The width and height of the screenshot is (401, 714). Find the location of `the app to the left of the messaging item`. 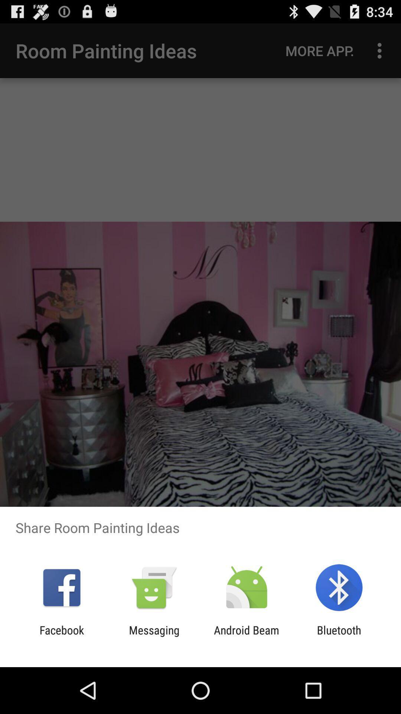

the app to the left of the messaging item is located at coordinates (61, 636).